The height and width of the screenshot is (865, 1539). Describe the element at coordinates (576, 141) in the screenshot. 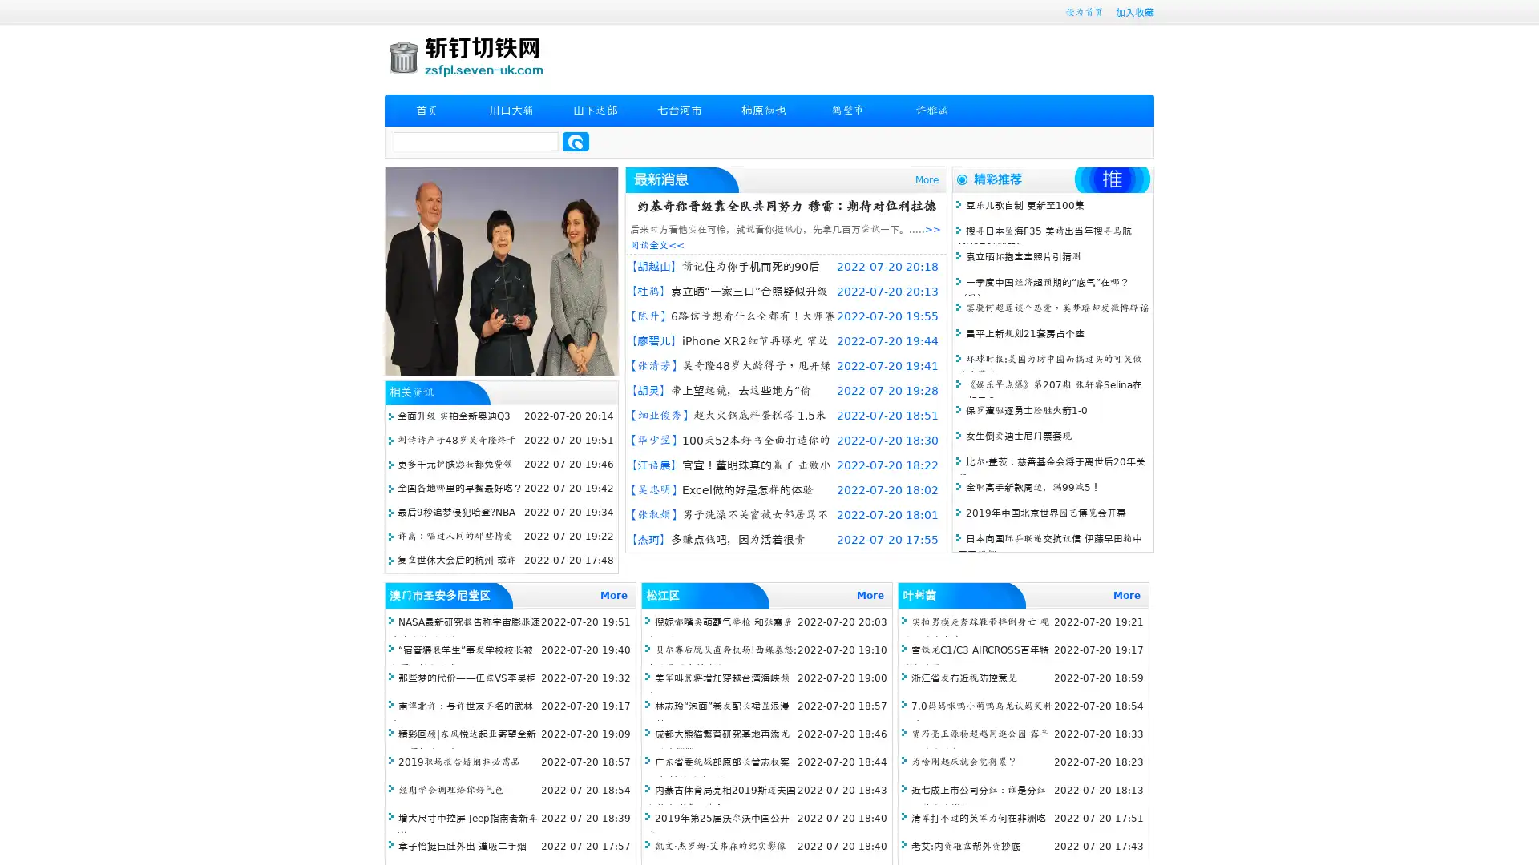

I see `Search` at that location.